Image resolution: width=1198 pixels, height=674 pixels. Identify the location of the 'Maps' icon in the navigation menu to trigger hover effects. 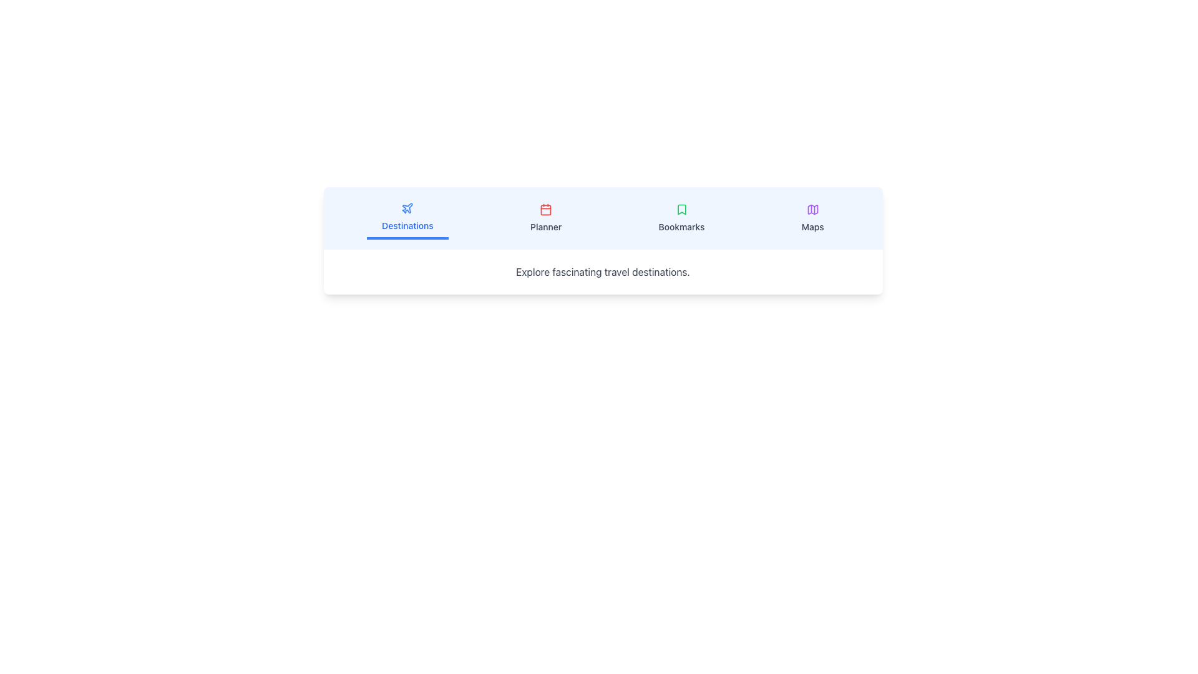
(812, 208).